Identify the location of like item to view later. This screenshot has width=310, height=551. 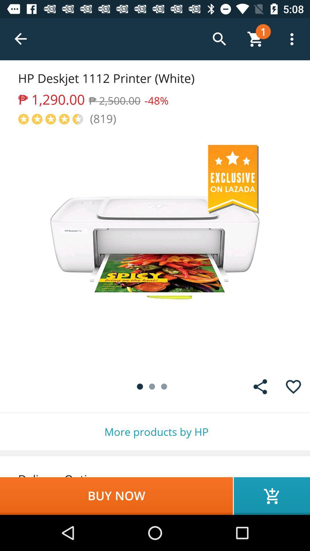
(293, 387).